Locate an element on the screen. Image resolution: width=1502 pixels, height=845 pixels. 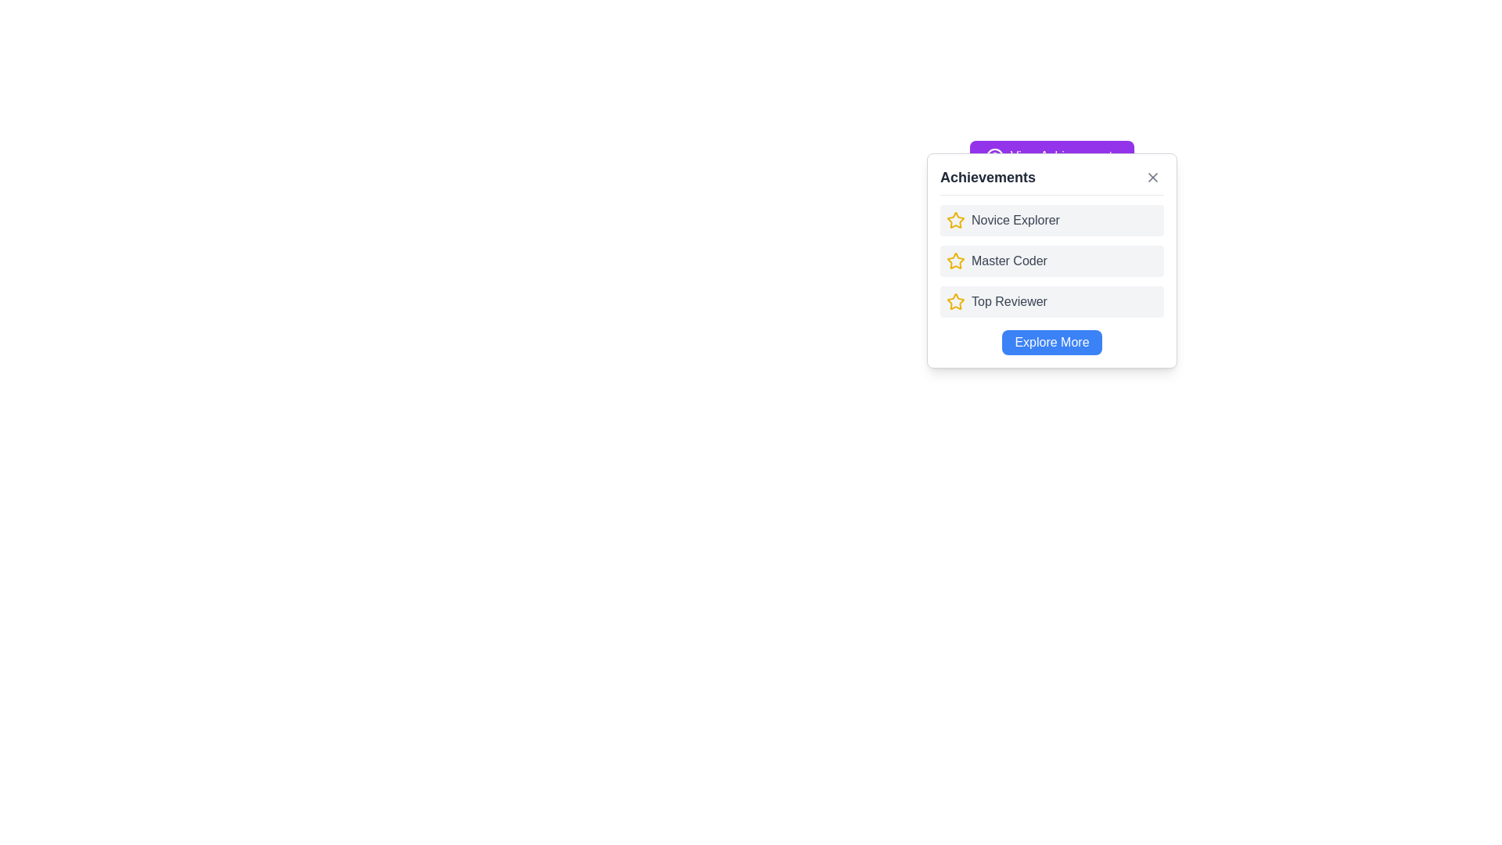
the yellow star icon located to the left of the 'Top Reviewer' text in the third row of the Achievements section of the modal window is located at coordinates (955, 301).